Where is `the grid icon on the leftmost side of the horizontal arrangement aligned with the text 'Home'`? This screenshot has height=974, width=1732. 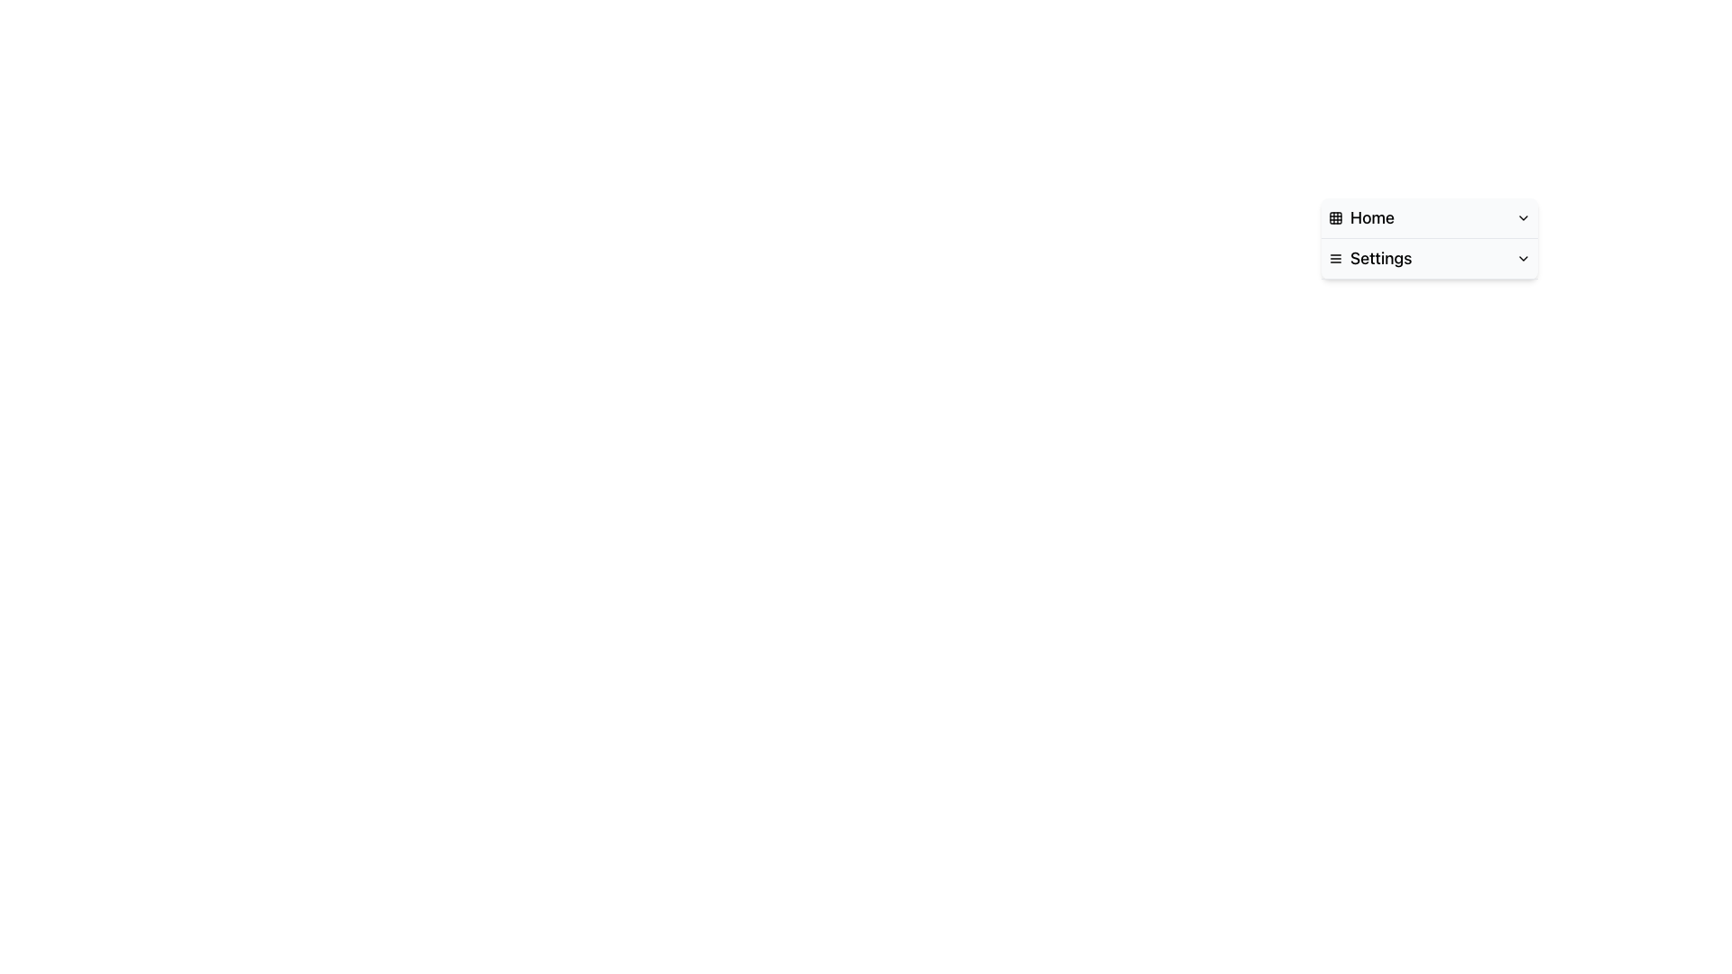 the grid icon on the leftmost side of the horizontal arrangement aligned with the text 'Home' is located at coordinates (1336, 217).